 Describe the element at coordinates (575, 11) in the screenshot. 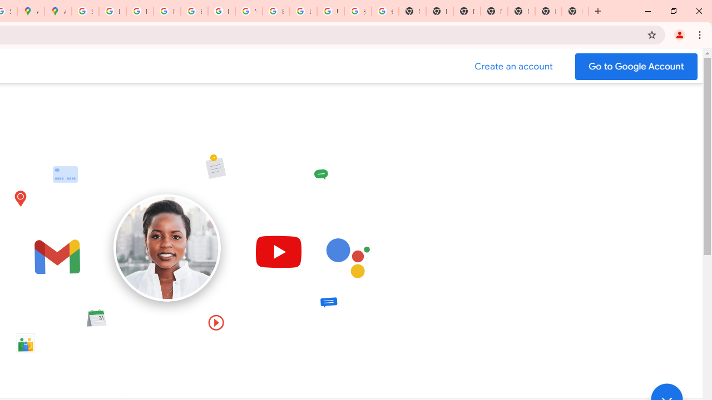

I see `'New Tab'` at that location.